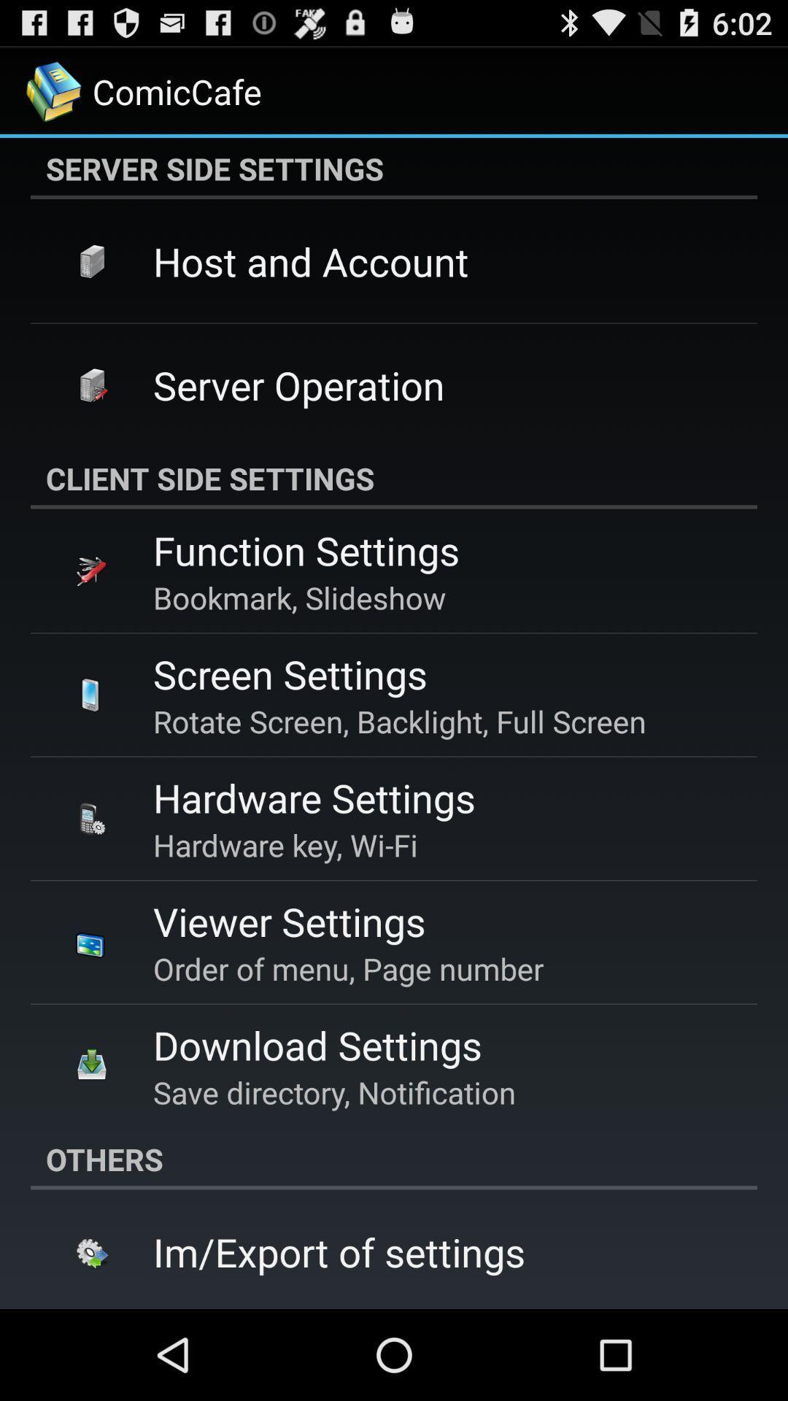 The width and height of the screenshot is (788, 1401). What do you see at coordinates (290, 673) in the screenshot?
I see `app above rotate screen backlight app` at bounding box center [290, 673].